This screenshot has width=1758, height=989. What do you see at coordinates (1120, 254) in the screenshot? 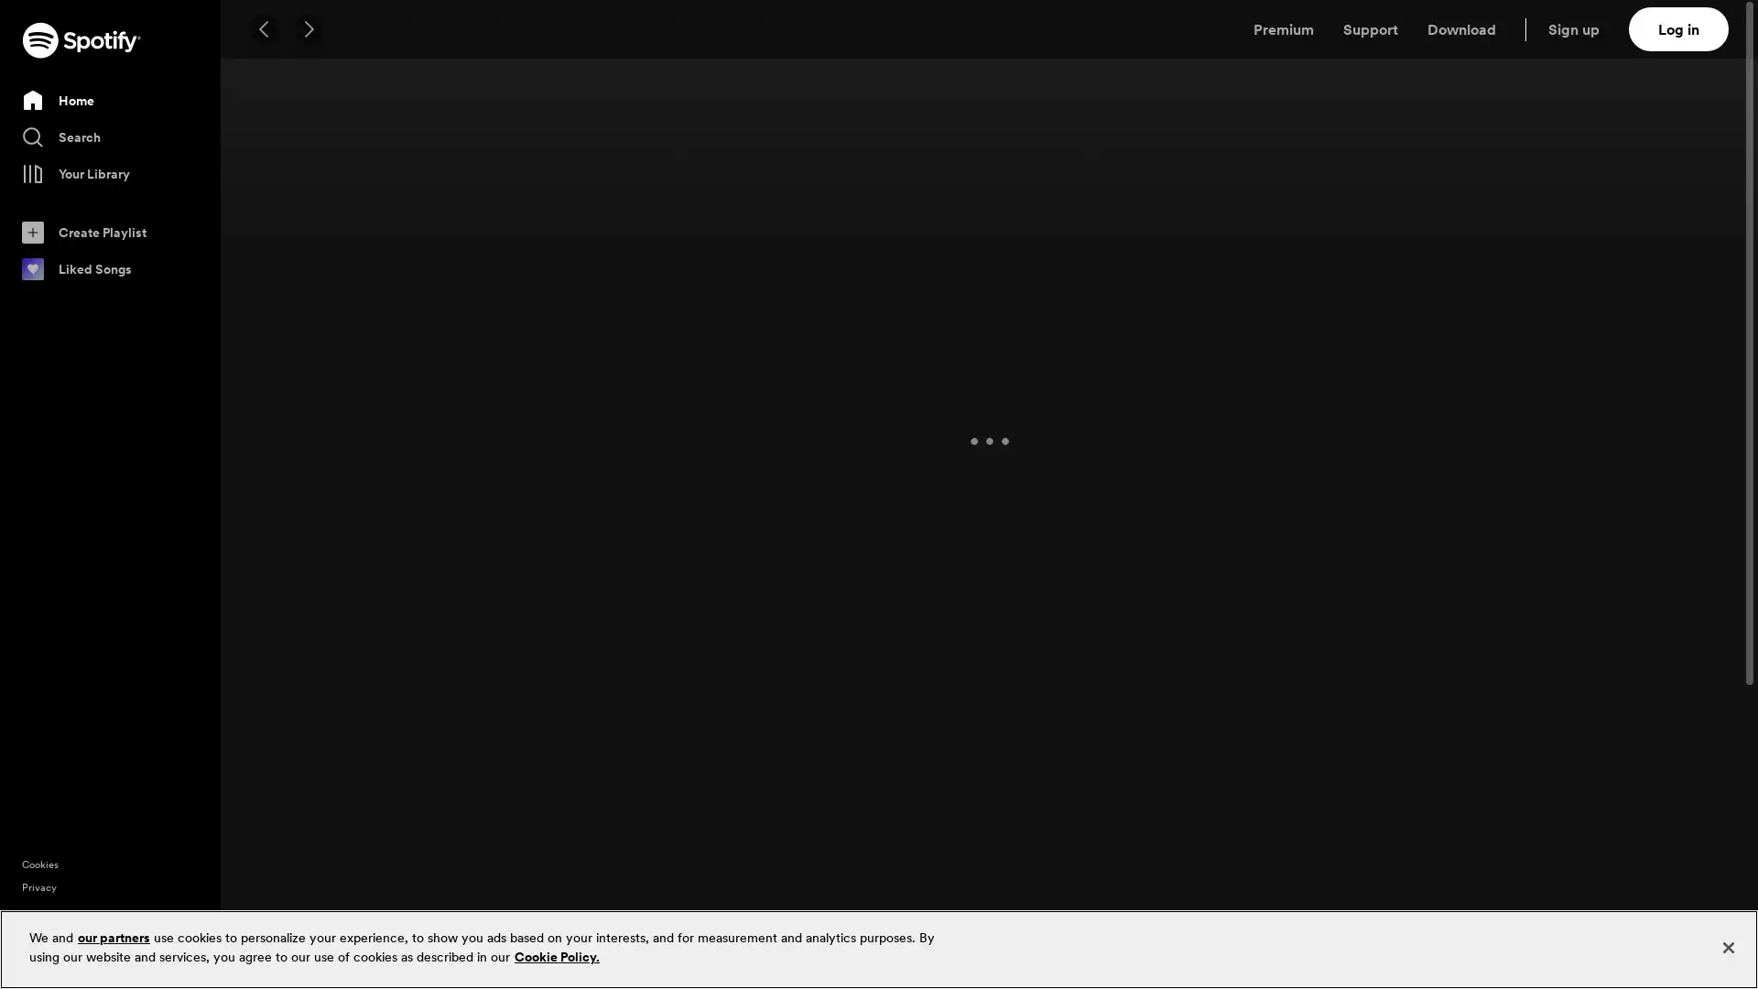
I see `Play Fresh Finds Indie` at bounding box center [1120, 254].